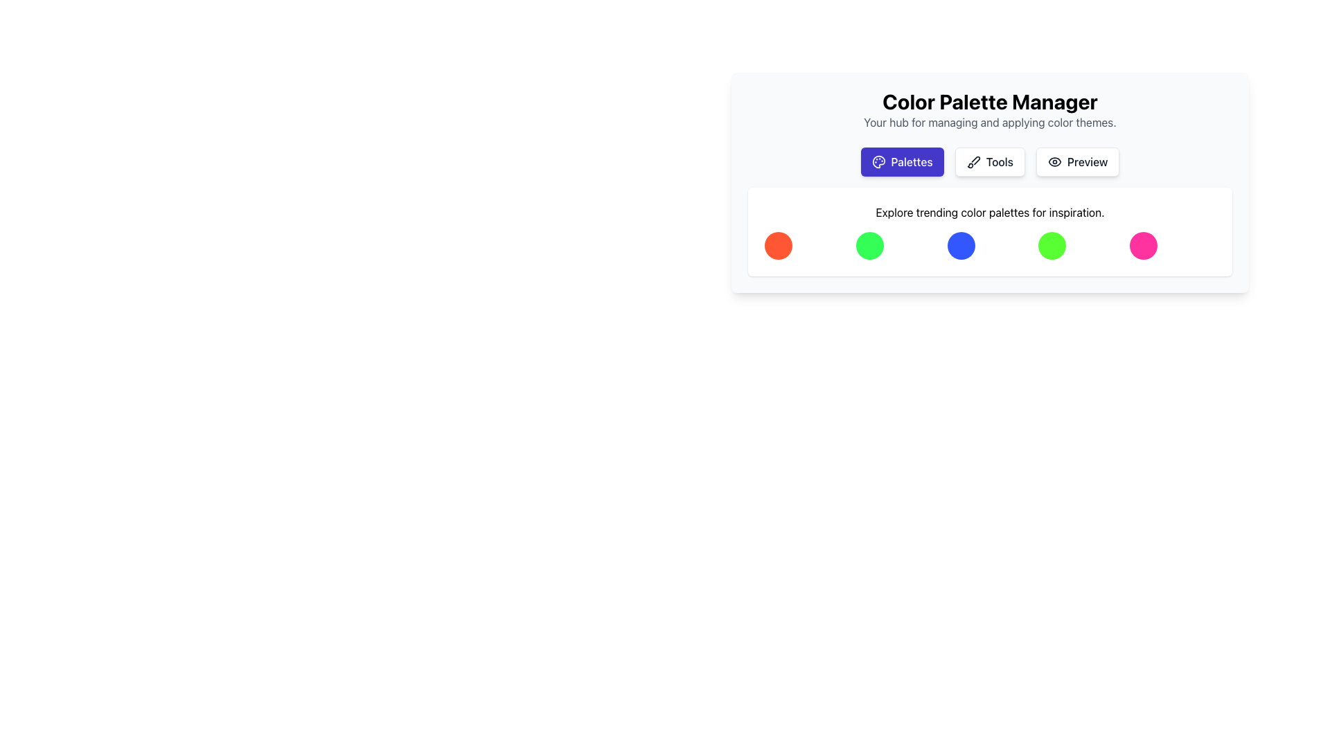  What do you see at coordinates (989, 161) in the screenshot?
I see `the 'Palettes', 'Tools', or 'Preview' button in the toolbar located below the 'Color Palette Manager' heading` at bounding box center [989, 161].